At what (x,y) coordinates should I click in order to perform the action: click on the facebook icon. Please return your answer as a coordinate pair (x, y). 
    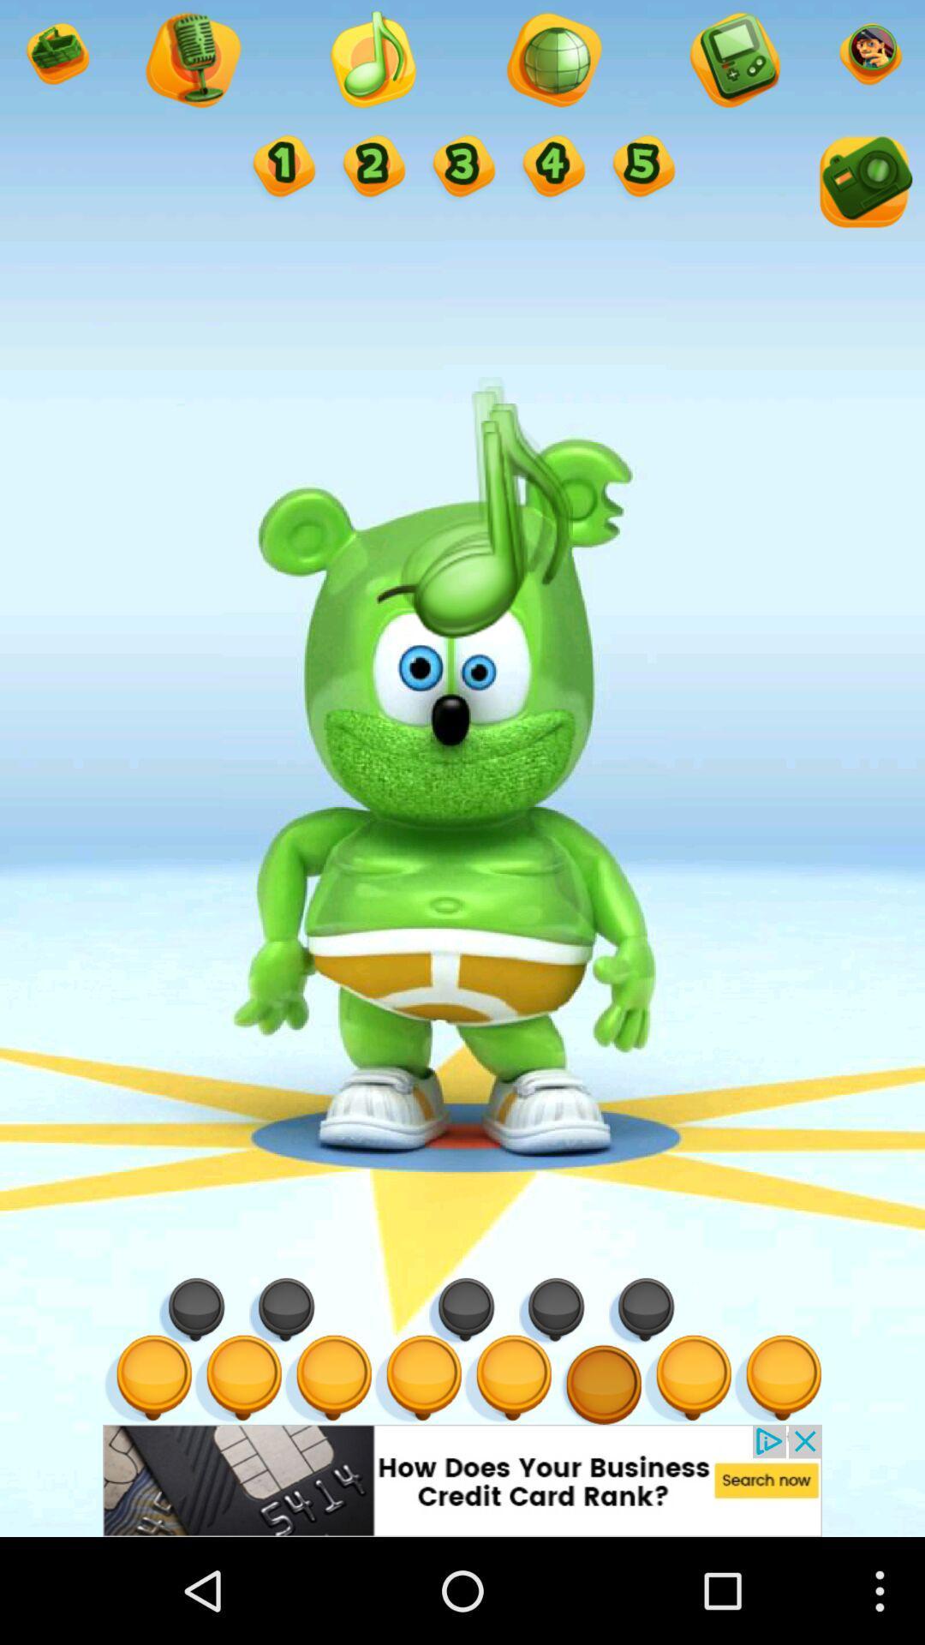
    Looking at the image, I should click on (281, 180).